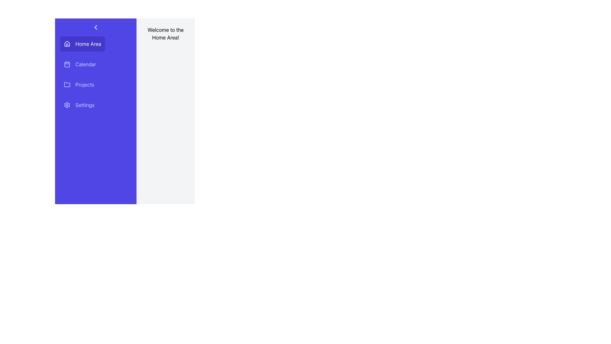  What do you see at coordinates (67, 84) in the screenshot?
I see `the folder icon representing the 'Projects' menu item located in the vertical navigation menu on the left side of the interface` at bounding box center [67, 84].